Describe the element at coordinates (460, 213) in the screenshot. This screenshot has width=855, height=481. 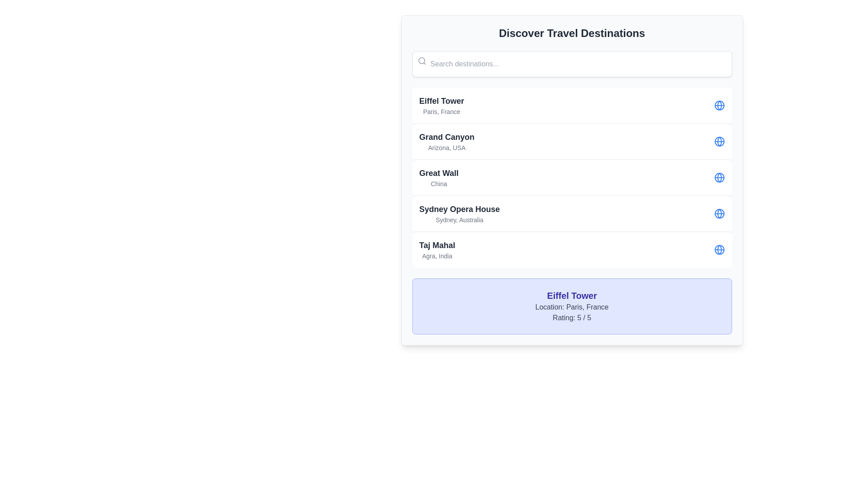
I see `displayed text from the 'Sydney Opera House' text display element, which consists of two lines: 'Sydney Opera House' and 'Sydney, Australia'. This element is located in the fourth row of the travel destinations list` at that location.